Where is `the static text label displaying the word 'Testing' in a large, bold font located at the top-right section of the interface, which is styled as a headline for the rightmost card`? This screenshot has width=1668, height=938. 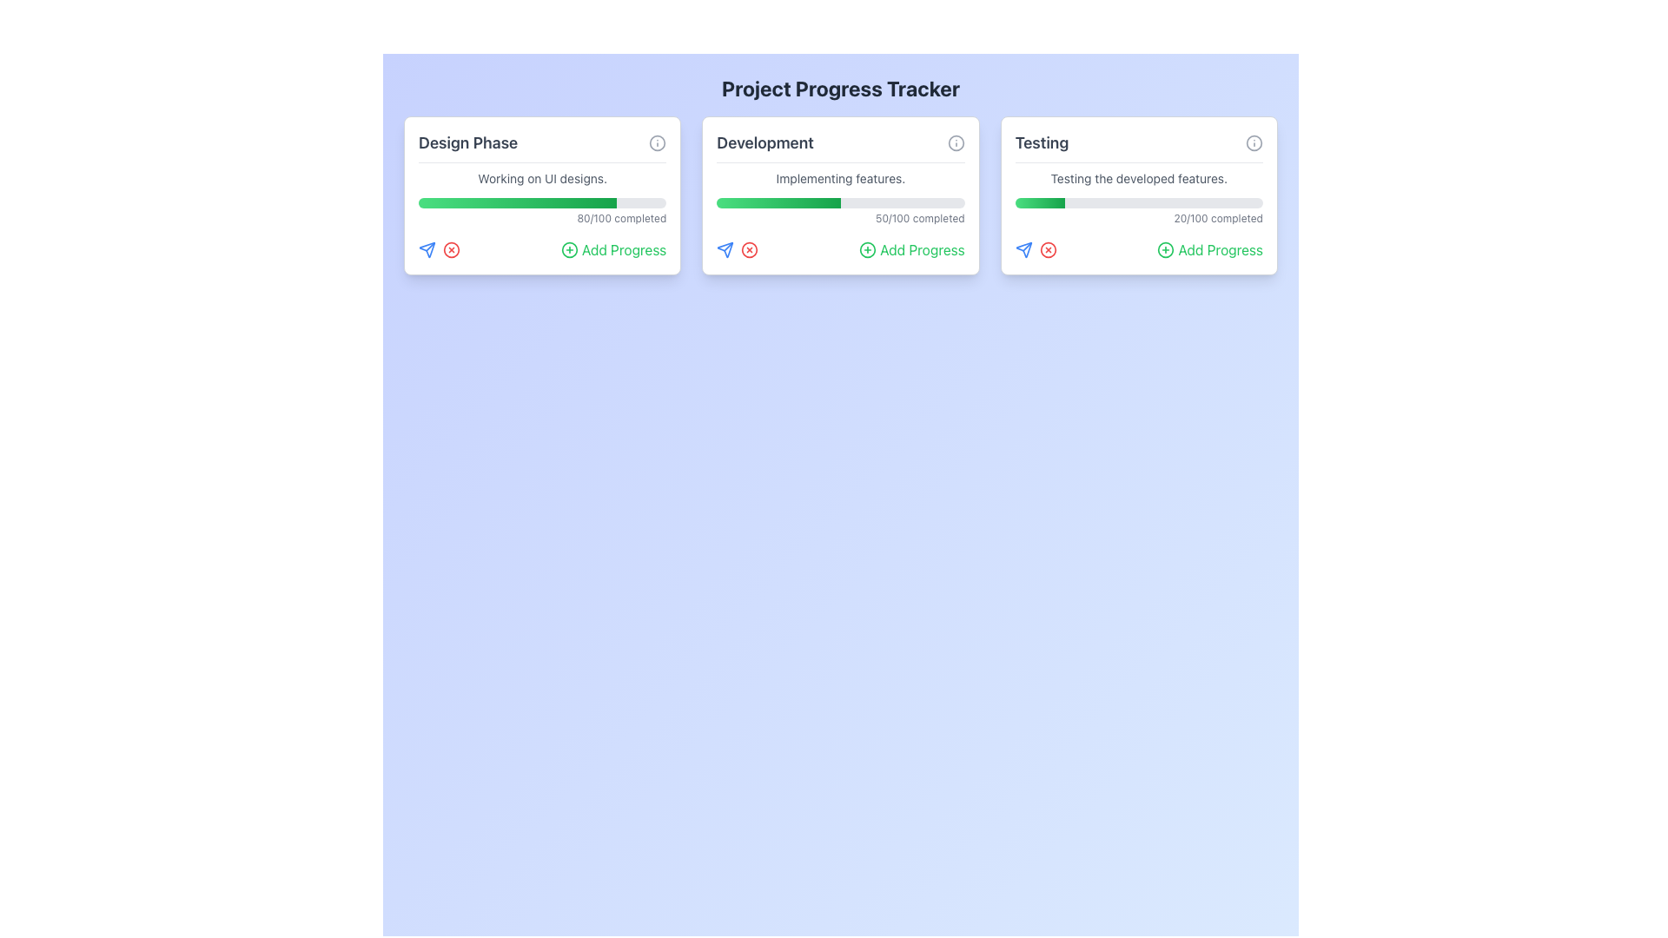 the static text label displaying the word 'Testing' in a large, bold font located at the top-right section of the interface, which is styled as a headline for the rightmost card is located at coordinates (1042, 142).